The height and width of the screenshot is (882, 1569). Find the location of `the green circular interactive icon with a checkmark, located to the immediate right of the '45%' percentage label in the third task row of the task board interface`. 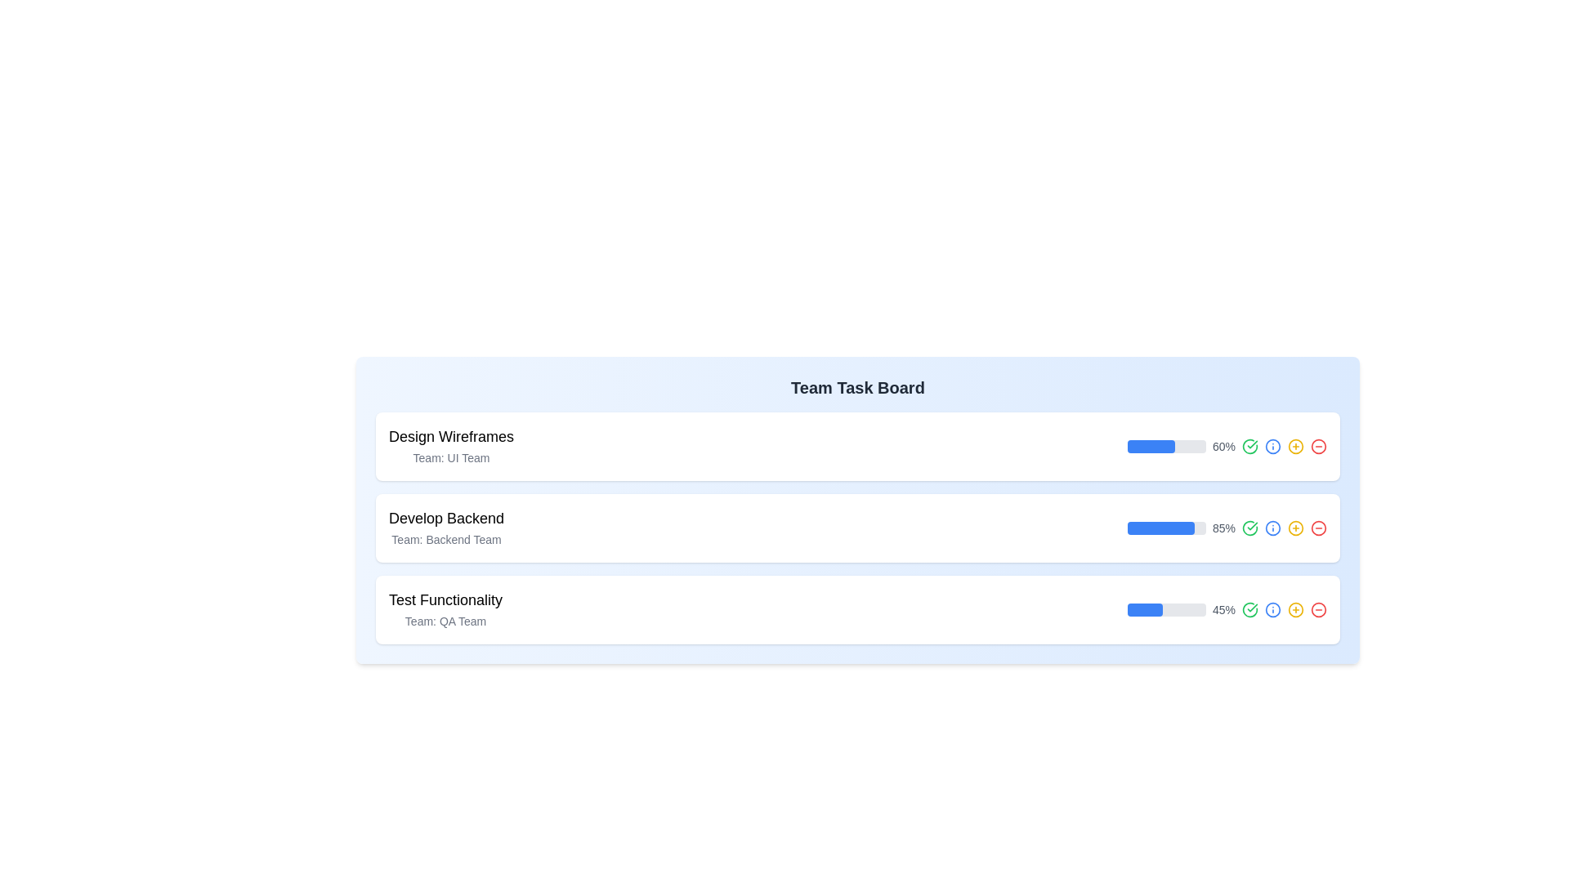

the green circular interactive icon with a checkmark, located to the immediate right of the '45%' percentage label in the third task row of the task board interface is located at coordinates (1249, 610).